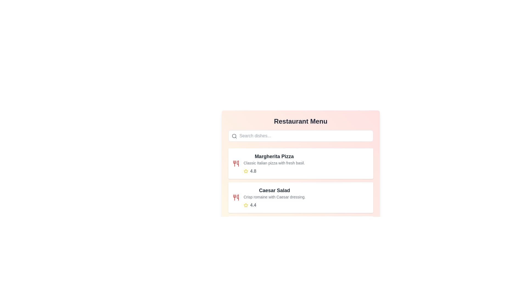 This screenshot has width=527, height=296. I want to click on the gray magnifying glass icon located to the left of the search input box, which is styled in SVG format and has a round shape with a handle extending from the bottom right, so click(234, 136).